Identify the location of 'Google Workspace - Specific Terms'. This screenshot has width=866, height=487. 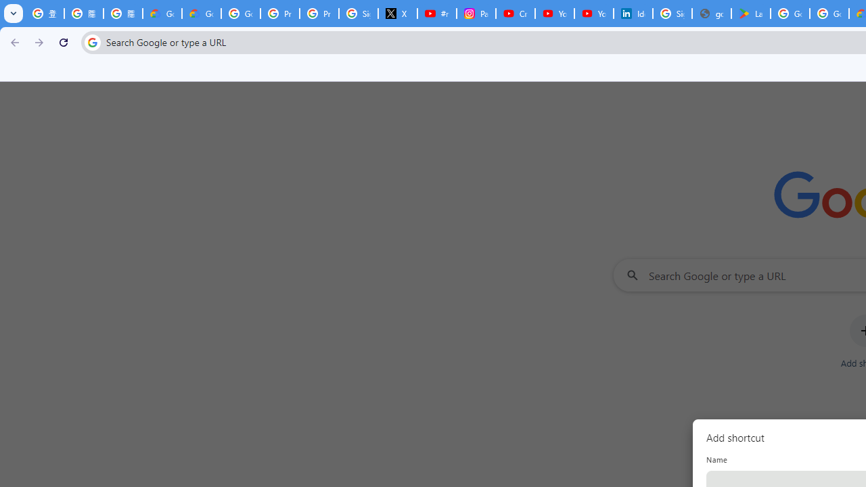
(829, 14).